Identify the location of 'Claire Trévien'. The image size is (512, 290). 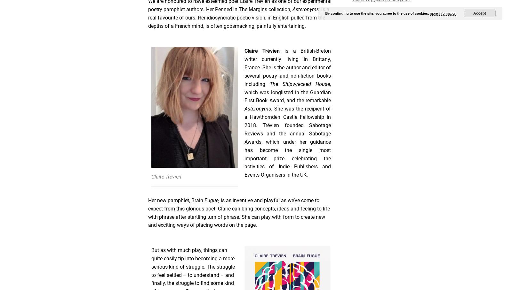
(261, 50).